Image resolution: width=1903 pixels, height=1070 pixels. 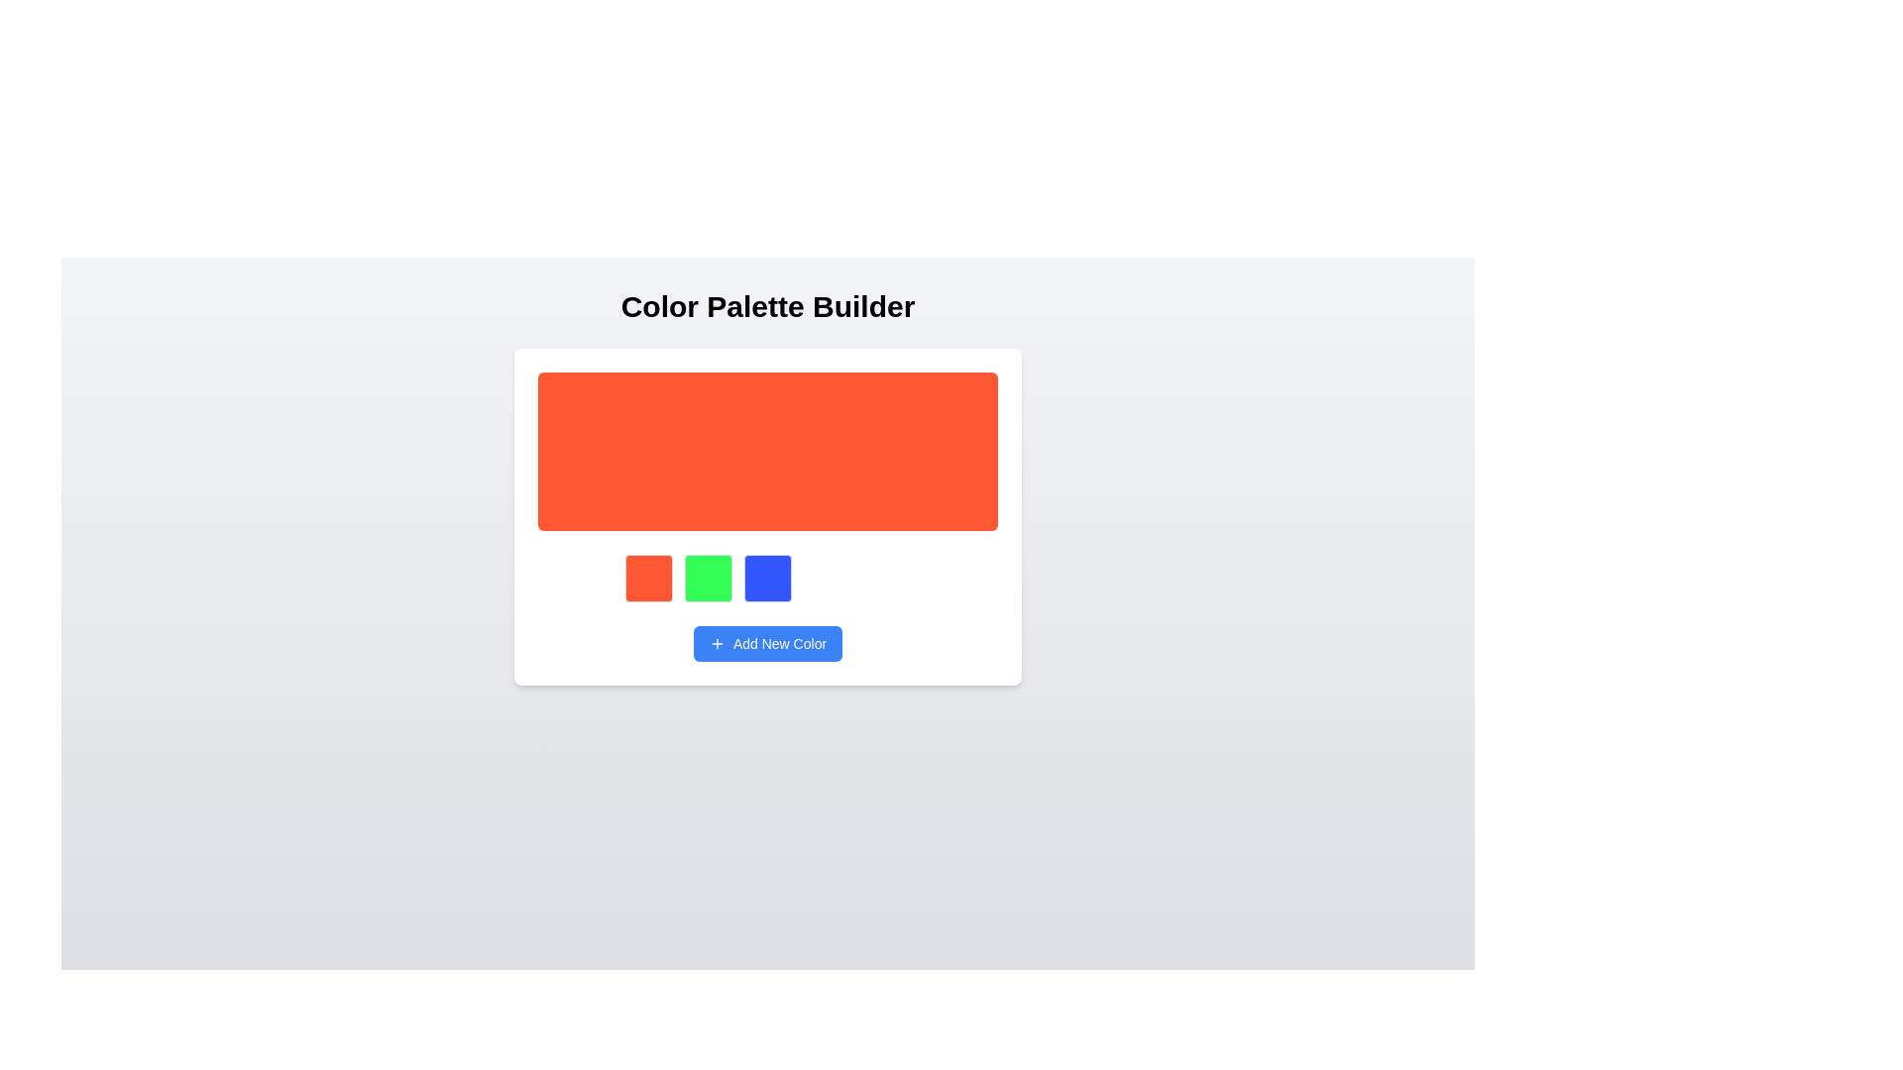 What do you see at coordinates (766, 644) in the screenshot?
I see `the rectangular button with a blue background and white text reading 'Add New Color', which has a '+' icon on the left` at bounding box center [766, 644].